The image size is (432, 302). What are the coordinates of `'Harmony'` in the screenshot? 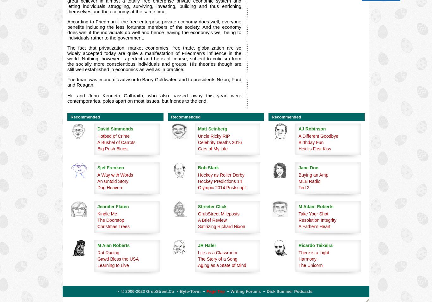 It's located at (307, 258).